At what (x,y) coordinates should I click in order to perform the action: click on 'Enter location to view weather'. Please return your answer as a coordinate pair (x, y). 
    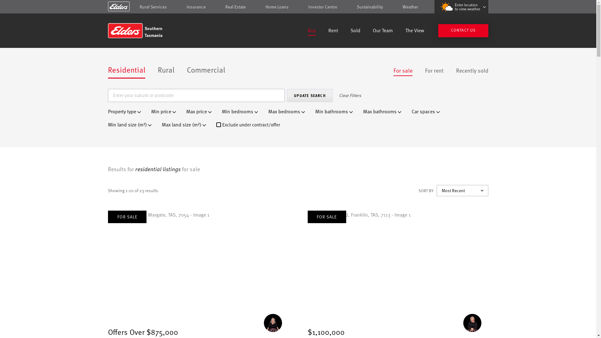
    Looking at the image, I should click on (461, 7).